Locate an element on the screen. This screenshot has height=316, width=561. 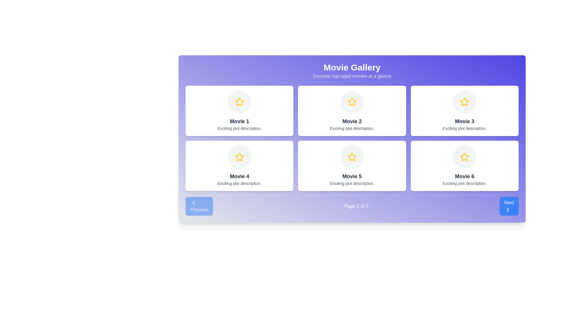
the text label displaying the title 'Movie 3', which is the third title in the row of movie cards, positioned directly below the circular star icon is located at coordinates (464, 121).